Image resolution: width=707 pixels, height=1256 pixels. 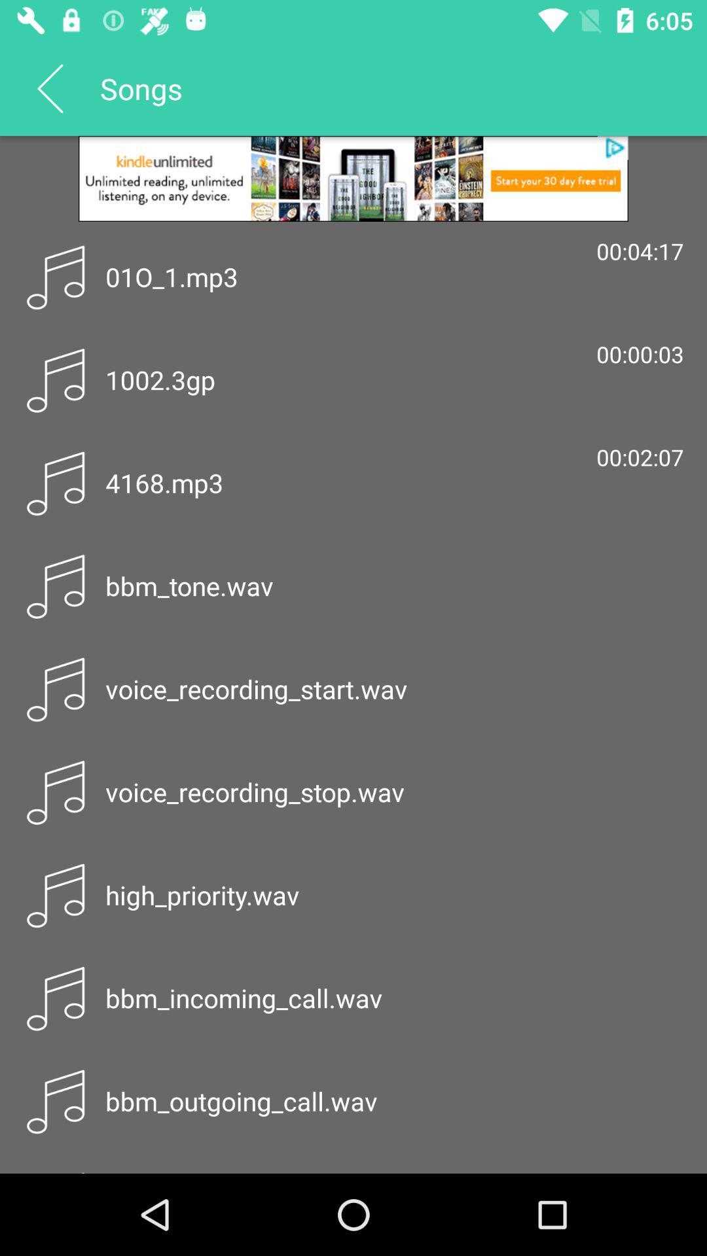 What do you see at coordinates (49, 87) in the screenshot?
I see `prevoius buttton` at bounding box center [49, 87].